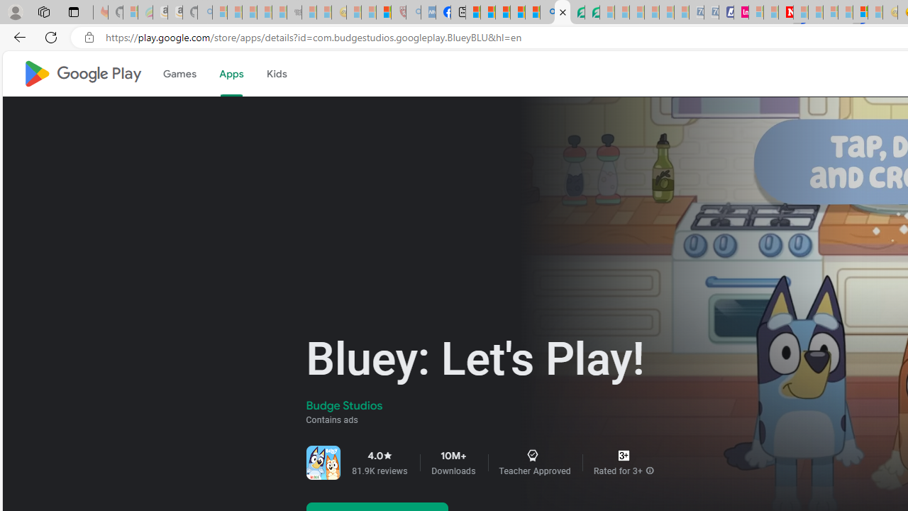  What do you see at coordinates (592, 12) in the screenshot?
I see `'Microsoft Word - consumer-privacy address update 2.2021'` at bounding box center [592, 12].